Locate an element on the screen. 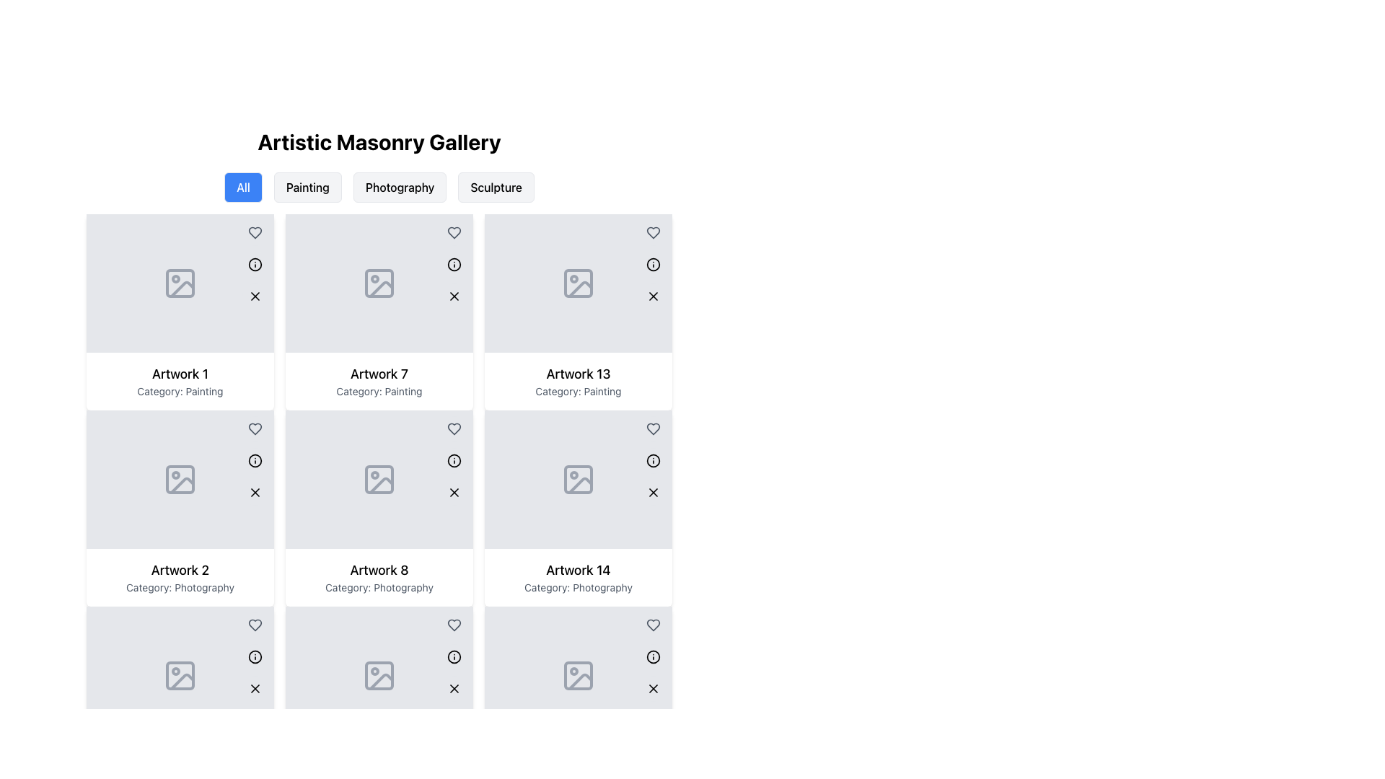 The image size is (1385, 779). the delete button located at the bottom right quadrant of the first card in the grid layout is located at coordinates (255, 296).